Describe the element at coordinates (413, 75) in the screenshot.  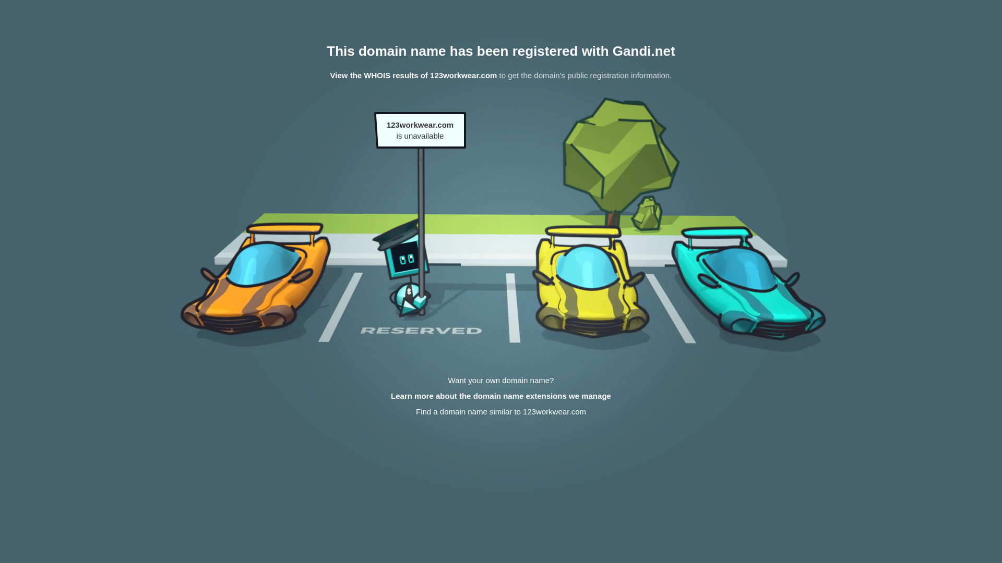
I see `'View the WHOIS results of 123workwear.com'` at that location.